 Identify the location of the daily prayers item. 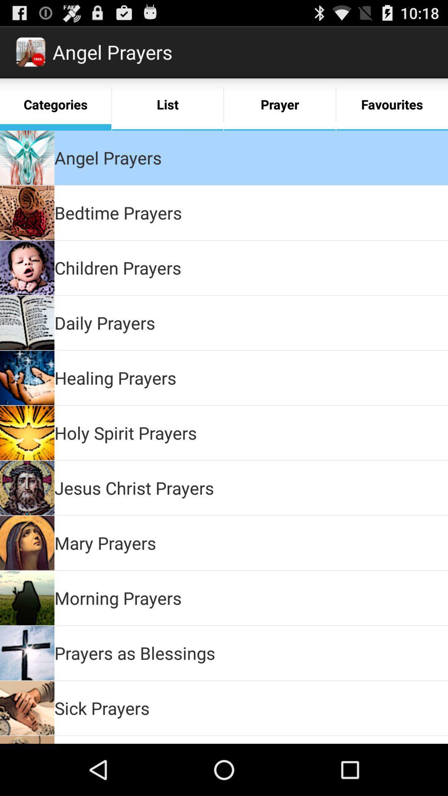
(104, 322).